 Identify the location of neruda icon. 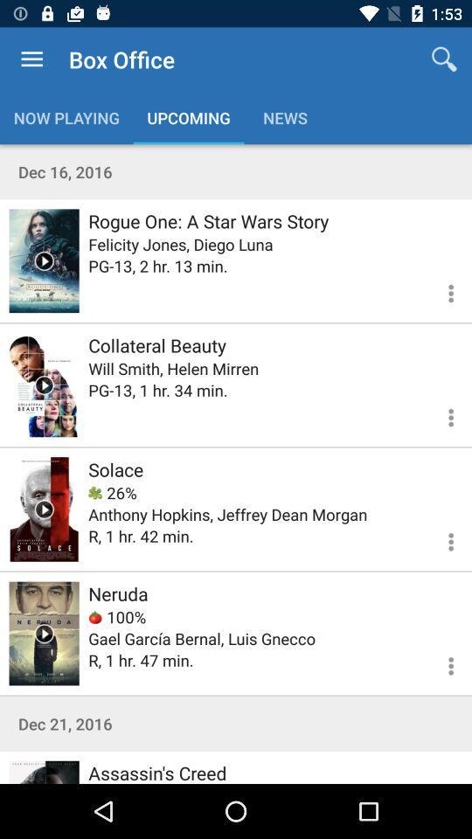
(118, 593).